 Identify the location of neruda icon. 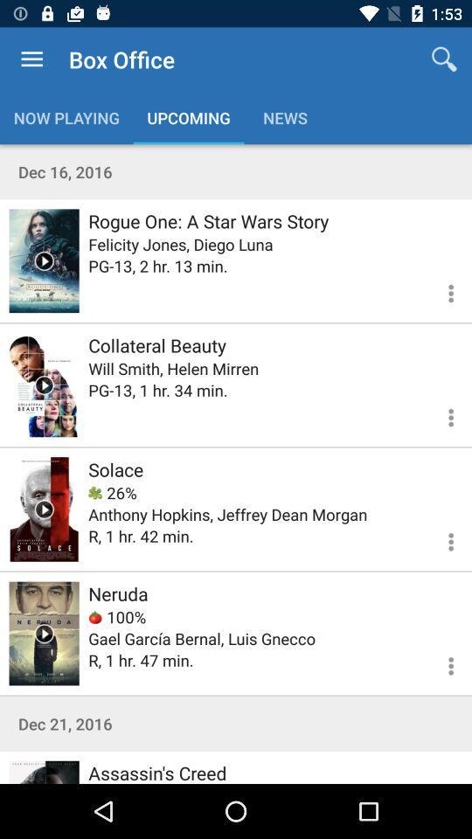
(118, 593).